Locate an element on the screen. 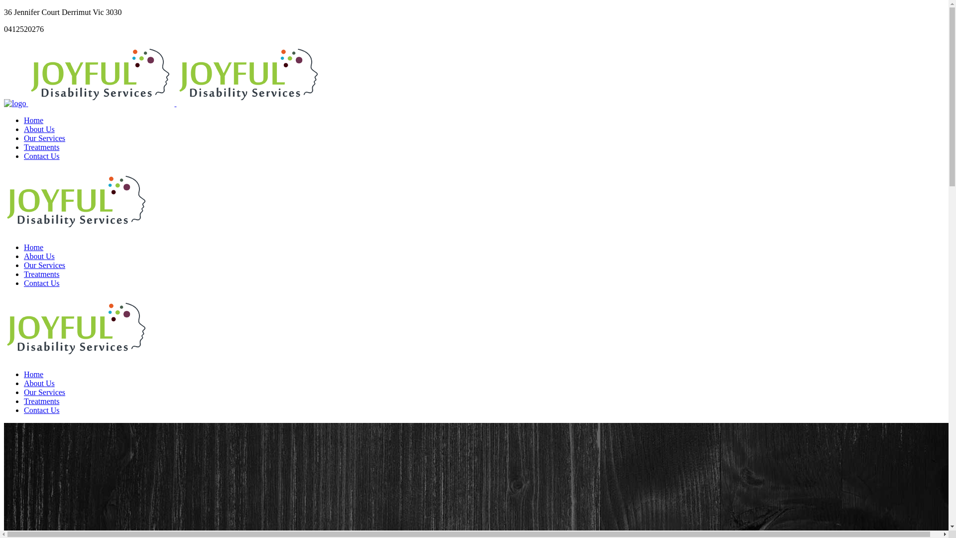 The height and width of the screenshot is (538, 956). 'Treatments' is located at coordinates (41, 401).